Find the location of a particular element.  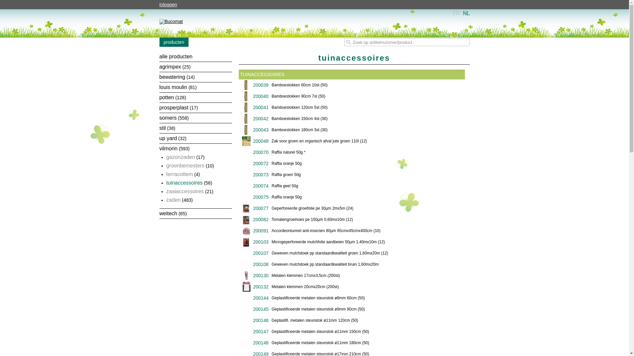

'zaaiaccessoires' is located at coordinates (166, 191).